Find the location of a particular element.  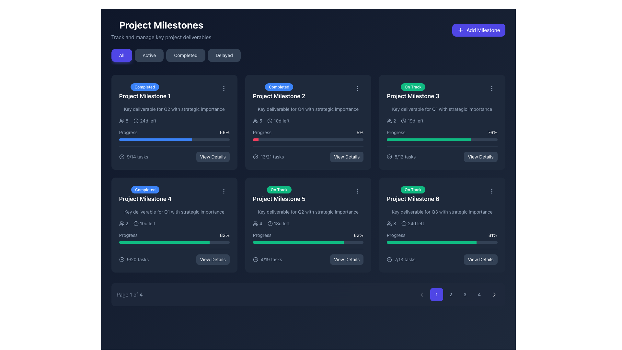

the Status Indicator Badge displaying 'On Track' located at the top center of the 'Project Milestone 3' card is located at coordinates (413, 87).